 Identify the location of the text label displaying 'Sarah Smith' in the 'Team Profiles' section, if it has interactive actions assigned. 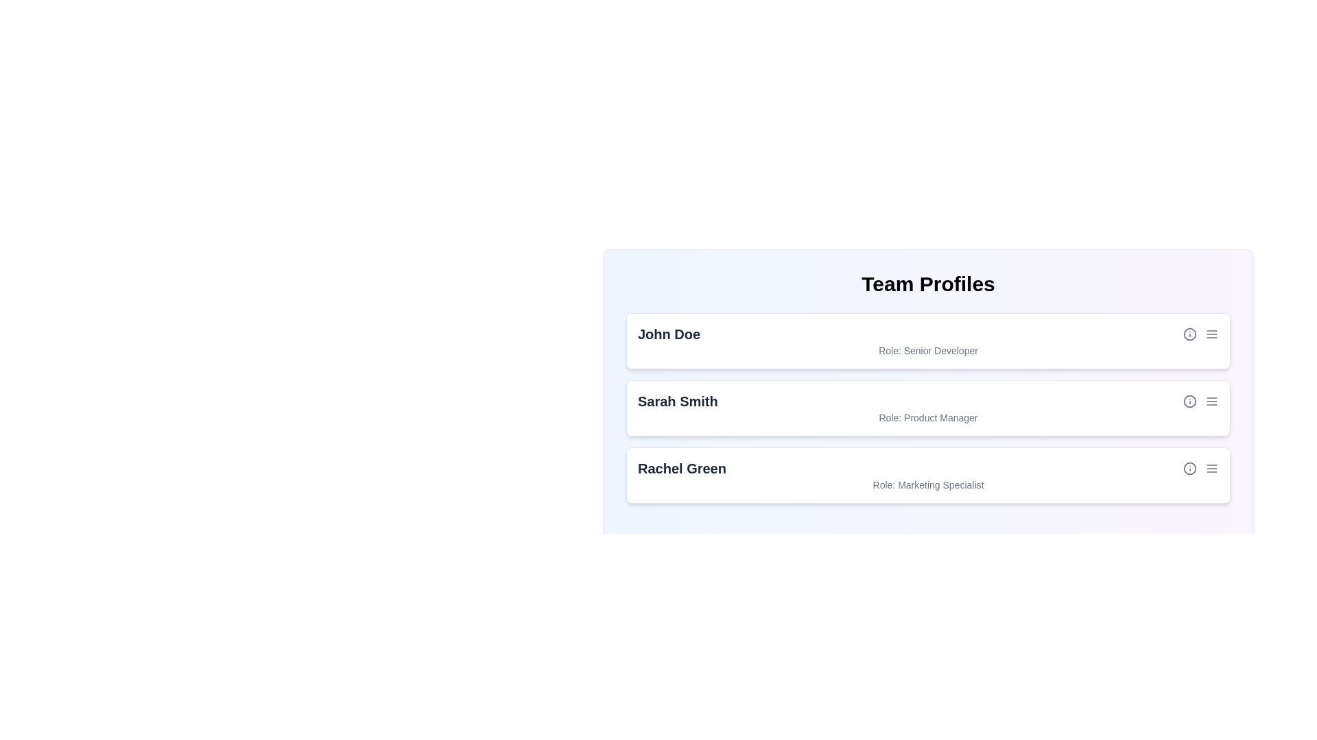
(678, 401).